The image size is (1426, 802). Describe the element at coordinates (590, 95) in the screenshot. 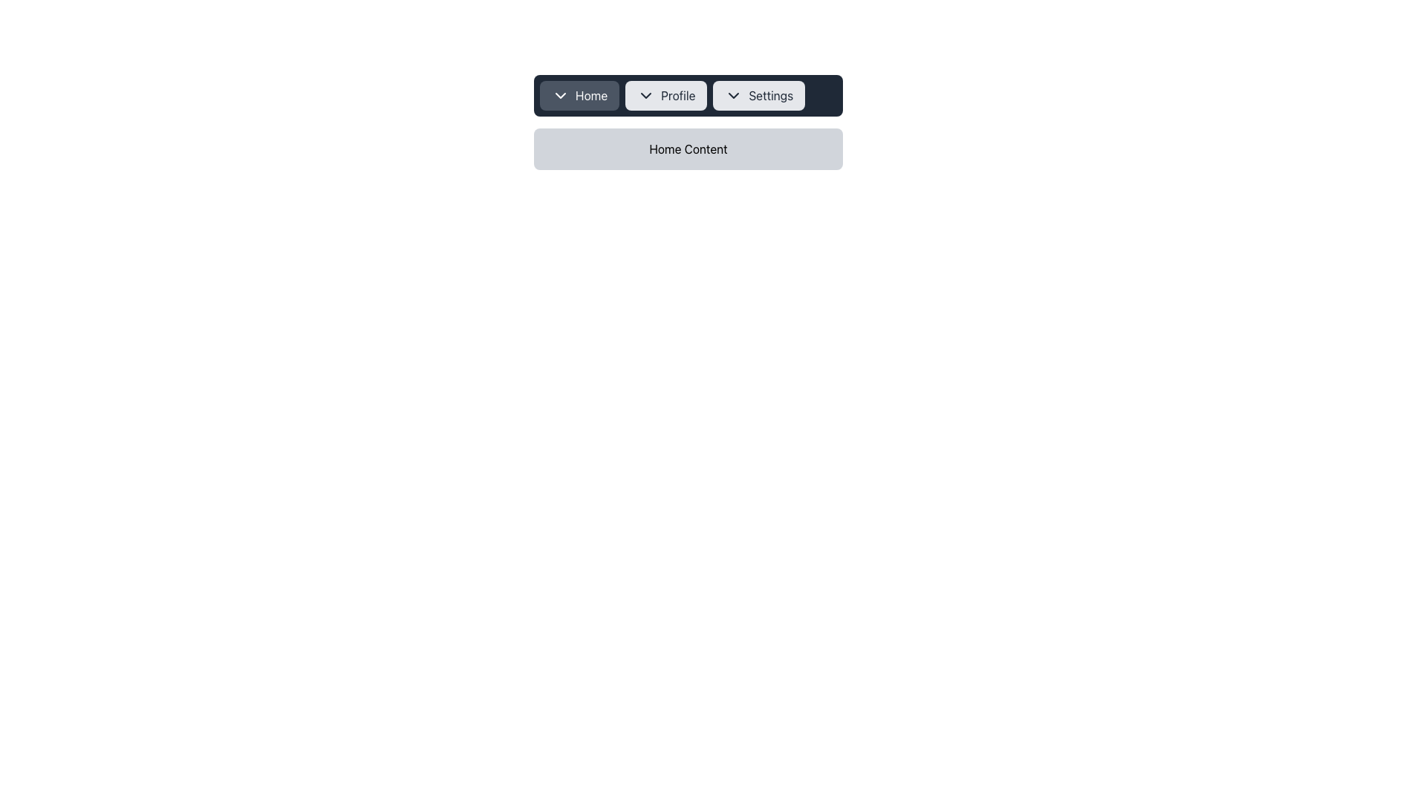

I see `text content of the 'Home' label, which is styled in a light font color against a dark background and is part of a button component at the top of the interface` at that location.